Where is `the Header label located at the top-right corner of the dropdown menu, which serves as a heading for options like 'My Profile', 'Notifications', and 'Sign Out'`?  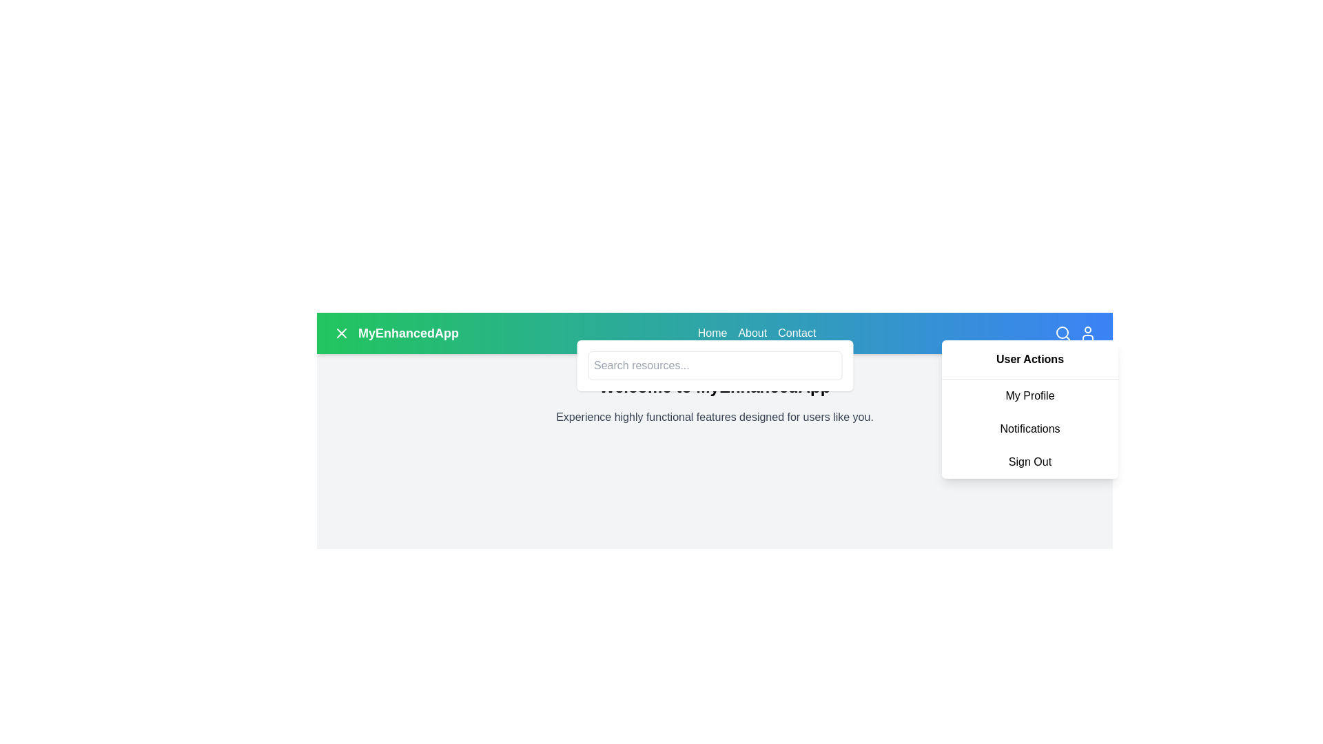 the Header label located at the top-right corner of the dropdown menu, which serves as a heading for options like 'My Profile', 'Notifications', and 'Sign Out' is located at coordinates (1029, 358).